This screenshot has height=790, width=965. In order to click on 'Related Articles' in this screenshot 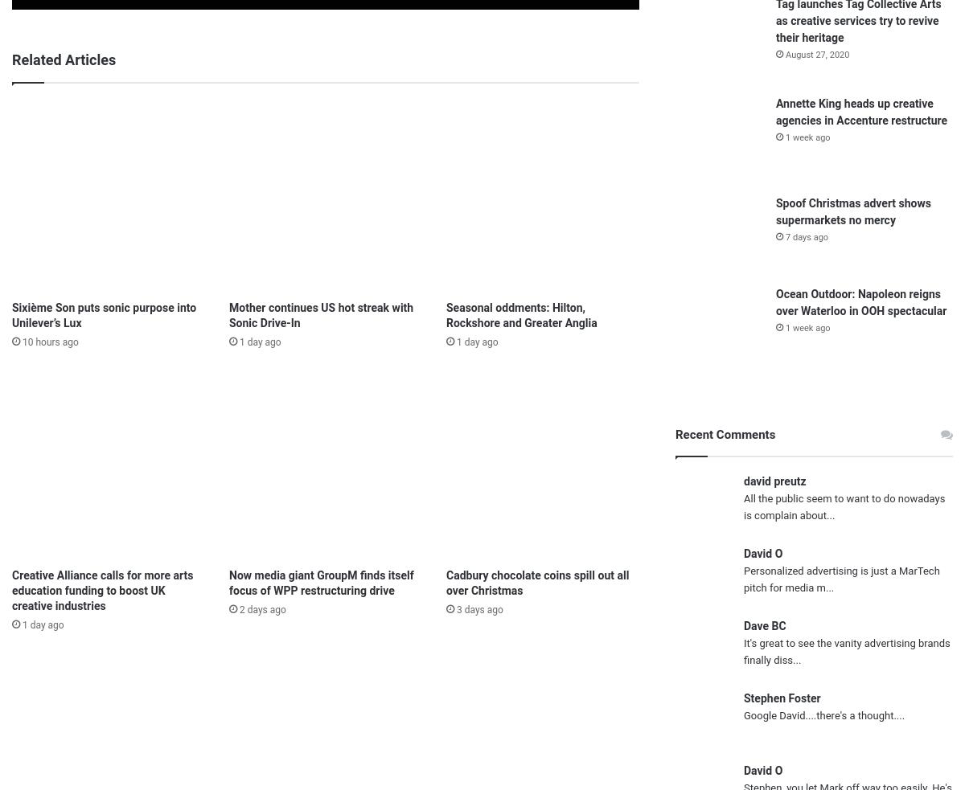, I will do `click(64, 59)`.